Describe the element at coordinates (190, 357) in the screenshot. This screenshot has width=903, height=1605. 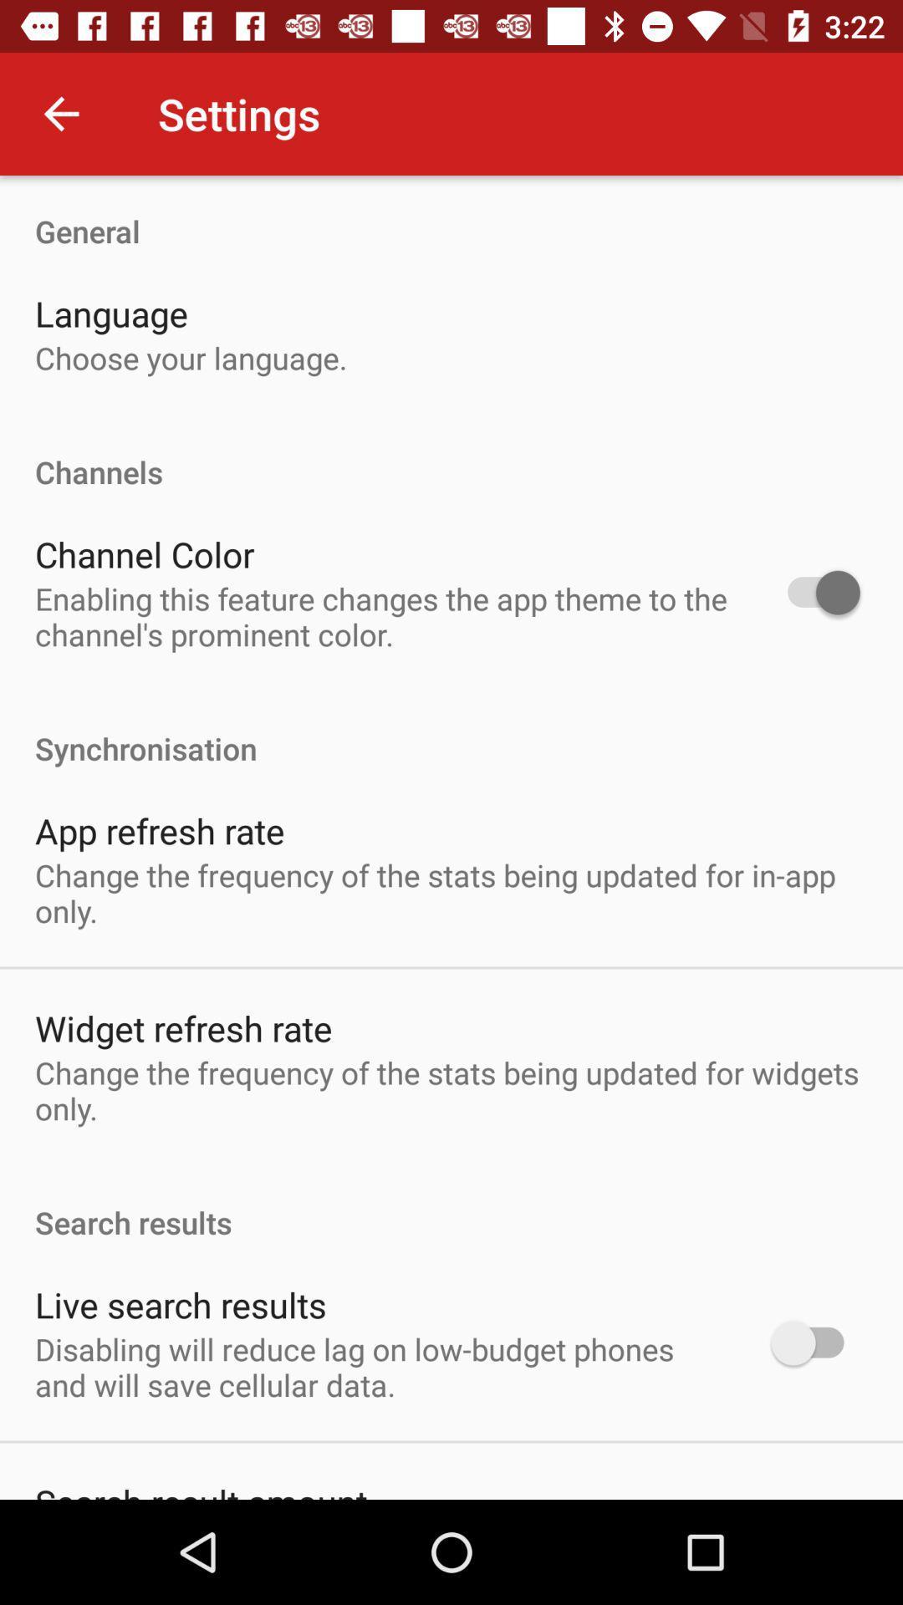
I see `choose your language. icon` at that location.